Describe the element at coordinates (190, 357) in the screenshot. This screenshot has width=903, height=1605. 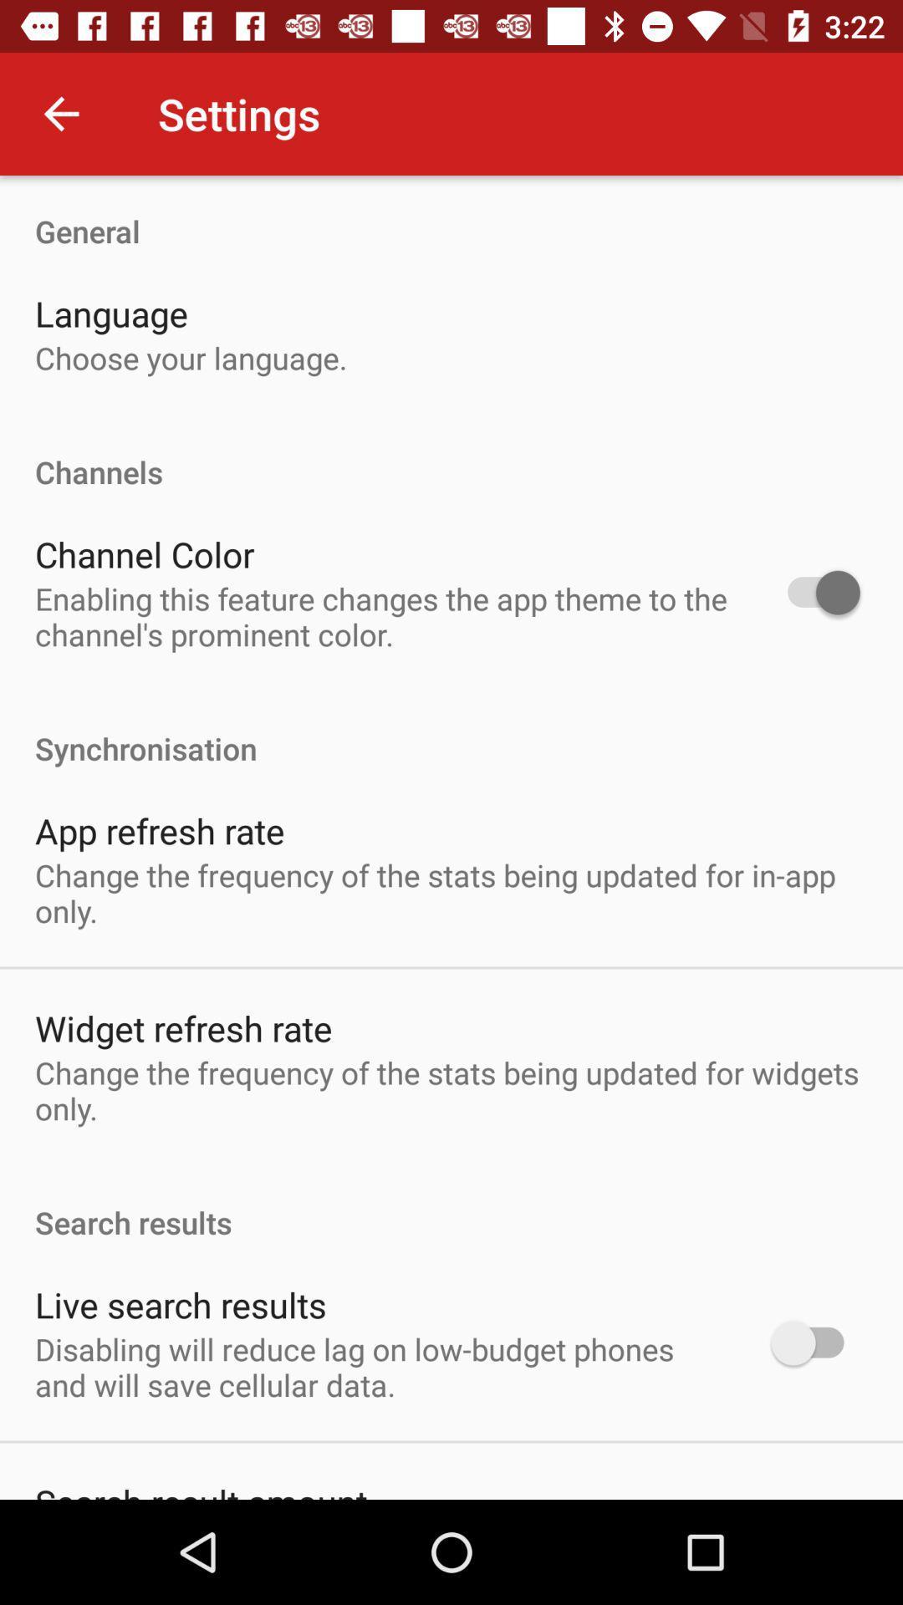
I see `choose your language. icon` at that location.